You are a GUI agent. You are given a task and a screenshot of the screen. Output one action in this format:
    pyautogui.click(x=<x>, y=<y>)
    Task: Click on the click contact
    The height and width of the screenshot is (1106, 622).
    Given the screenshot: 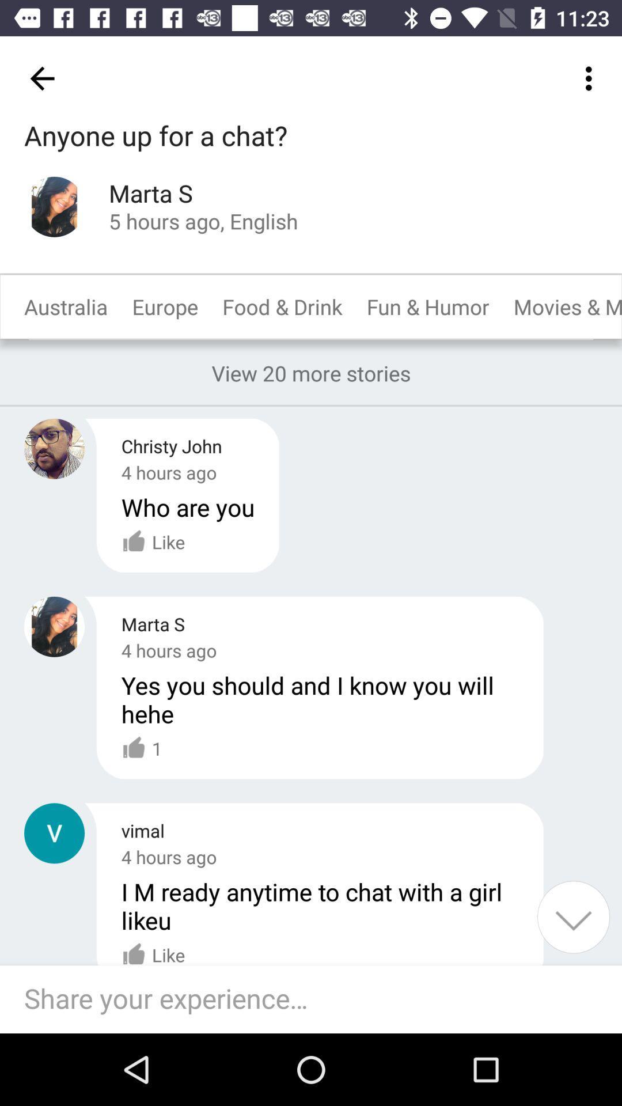 What is the action you would take?
    pyautogui.click(x=54, y=833)
    